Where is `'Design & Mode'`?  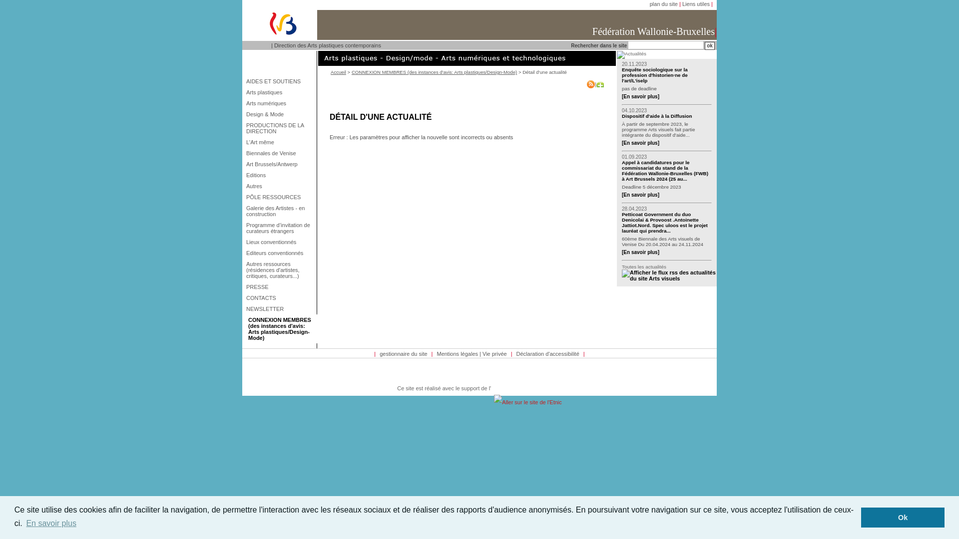
'Design & Mode' is located at coordinates (280, 113).